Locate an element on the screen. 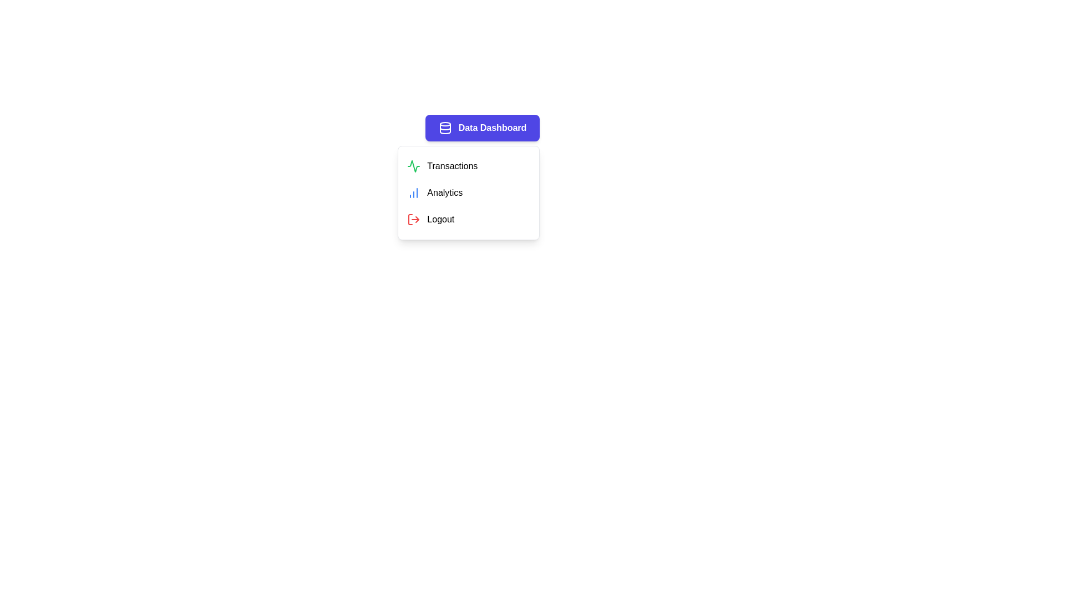  the 'Transactions' menu item to navigate or trigger associated actions is located at coordinates (469, 166).